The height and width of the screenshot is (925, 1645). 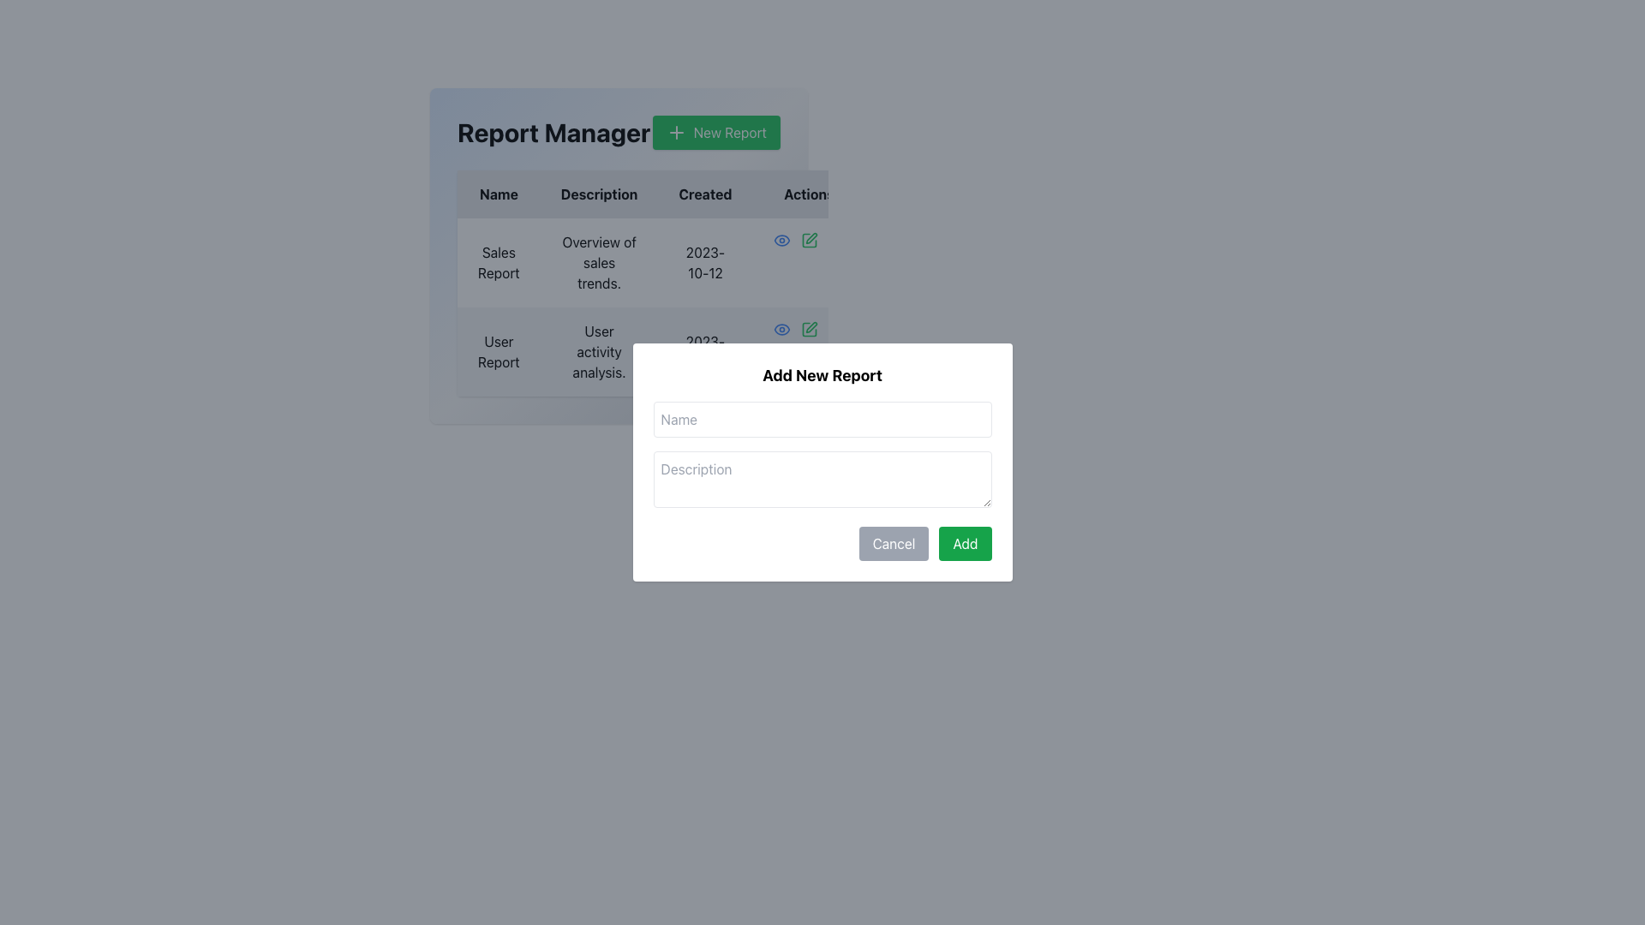 I want to click on the pen icon in the 'Actions' column of the 'Report Manager' table to initiate the editing action, so click(x=810, y=238).